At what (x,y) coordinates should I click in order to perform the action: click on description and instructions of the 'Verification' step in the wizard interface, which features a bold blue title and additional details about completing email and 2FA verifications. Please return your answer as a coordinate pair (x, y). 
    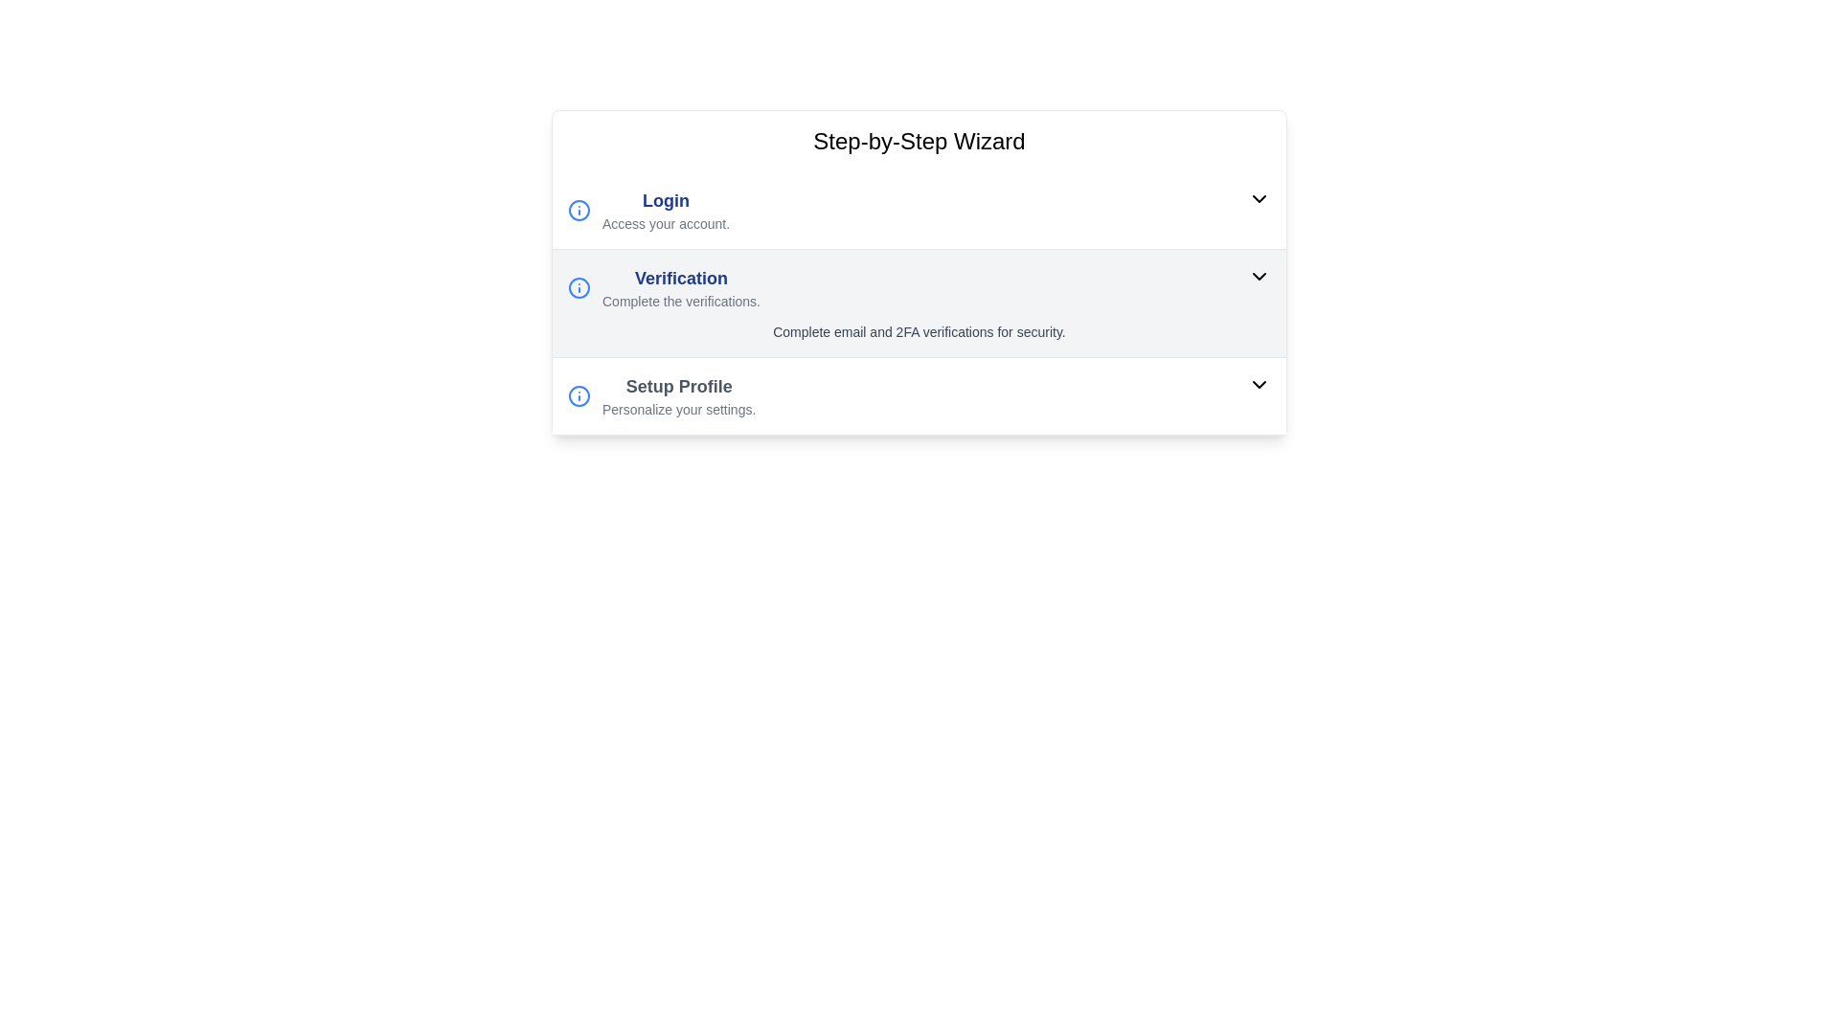
    Looking at the image, I should click on (919, 303).